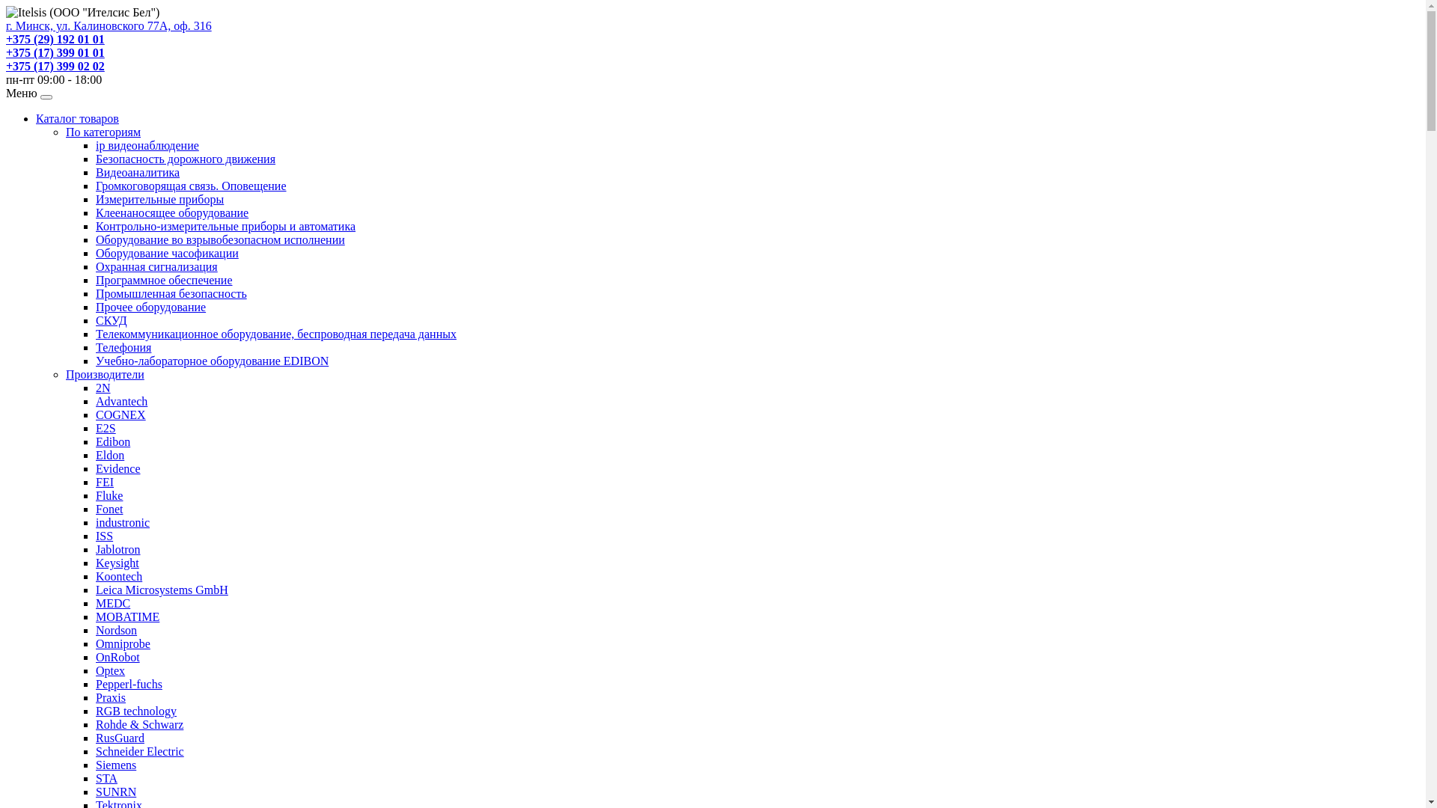  I want to click on 'Leica Microsystems GmbH', so click(162, 589).